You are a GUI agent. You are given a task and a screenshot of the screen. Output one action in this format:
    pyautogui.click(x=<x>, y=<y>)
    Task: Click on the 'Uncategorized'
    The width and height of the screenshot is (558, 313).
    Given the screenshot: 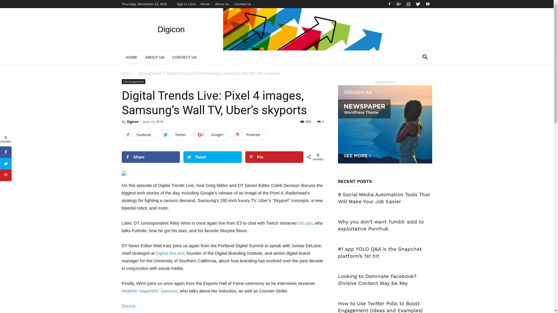 What is the action you would take?
    pyautogui.click(x=133, y=81)
    